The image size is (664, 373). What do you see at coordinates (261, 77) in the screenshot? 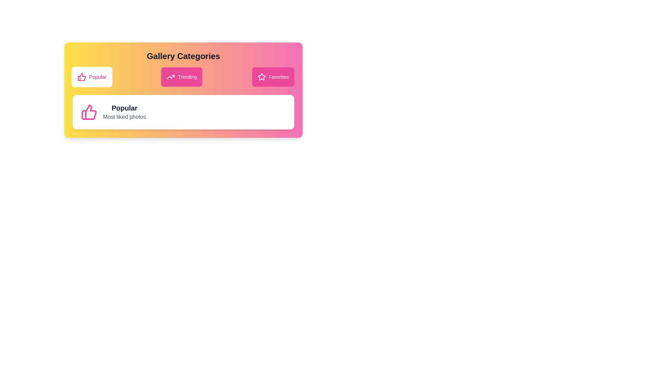
I see `the pink star icon located within the 'Favorites' button, which is the rightmost button in the row of category buttons under 'Gallery Categories'` at bounding box center [261, 77].